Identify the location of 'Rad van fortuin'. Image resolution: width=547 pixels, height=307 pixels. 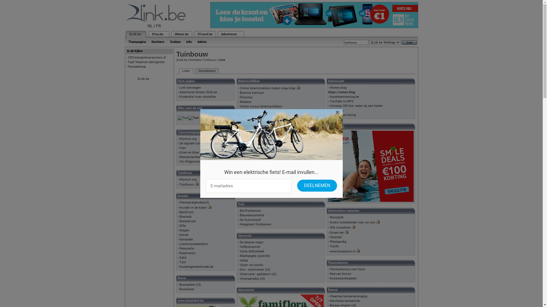
(340, 273).